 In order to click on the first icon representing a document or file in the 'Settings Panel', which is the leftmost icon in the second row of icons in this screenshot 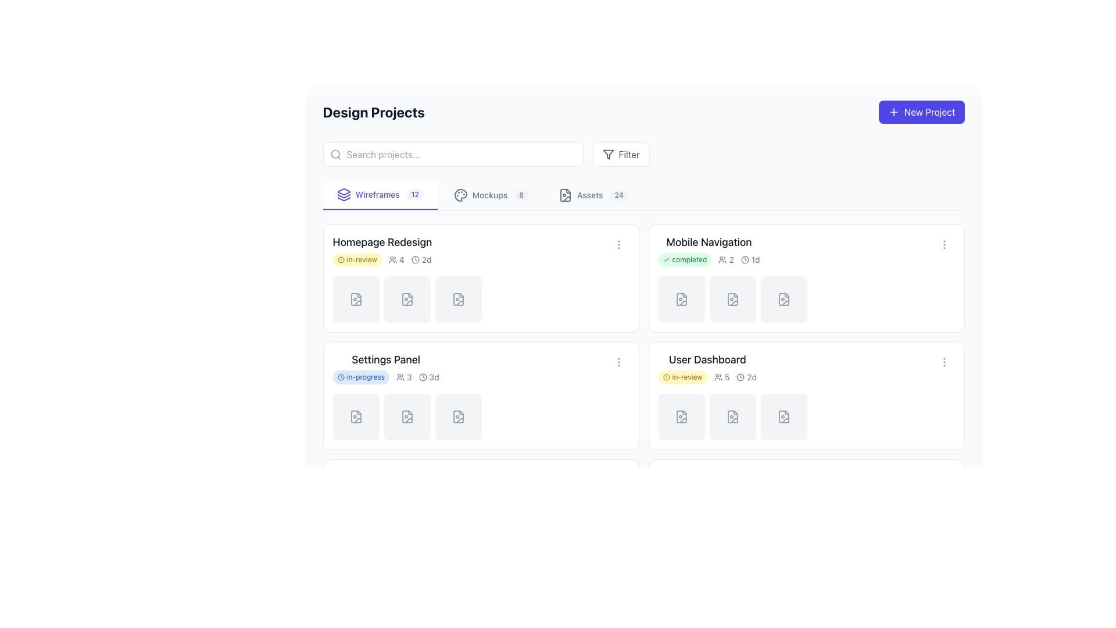, I will do `click(355, 416)`.